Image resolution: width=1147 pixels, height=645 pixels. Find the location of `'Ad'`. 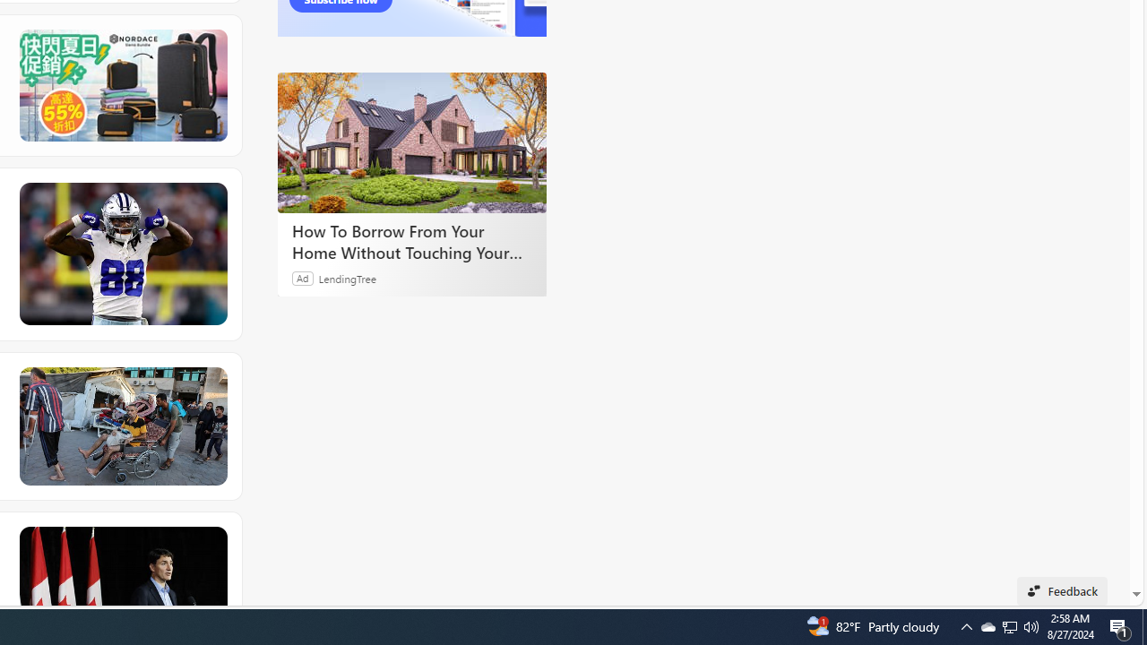

'Ad' is located at coordinates (303, 278).